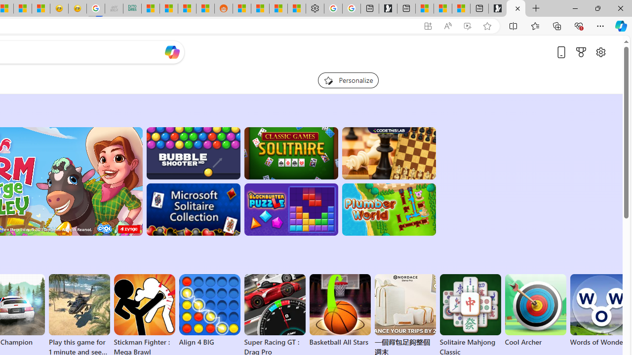 This screenshot has height=355, width=632. What do you see at coordinates (388, 209) in the screenshot?
I see `'Plumber World'` at bounding box center [388, 209].